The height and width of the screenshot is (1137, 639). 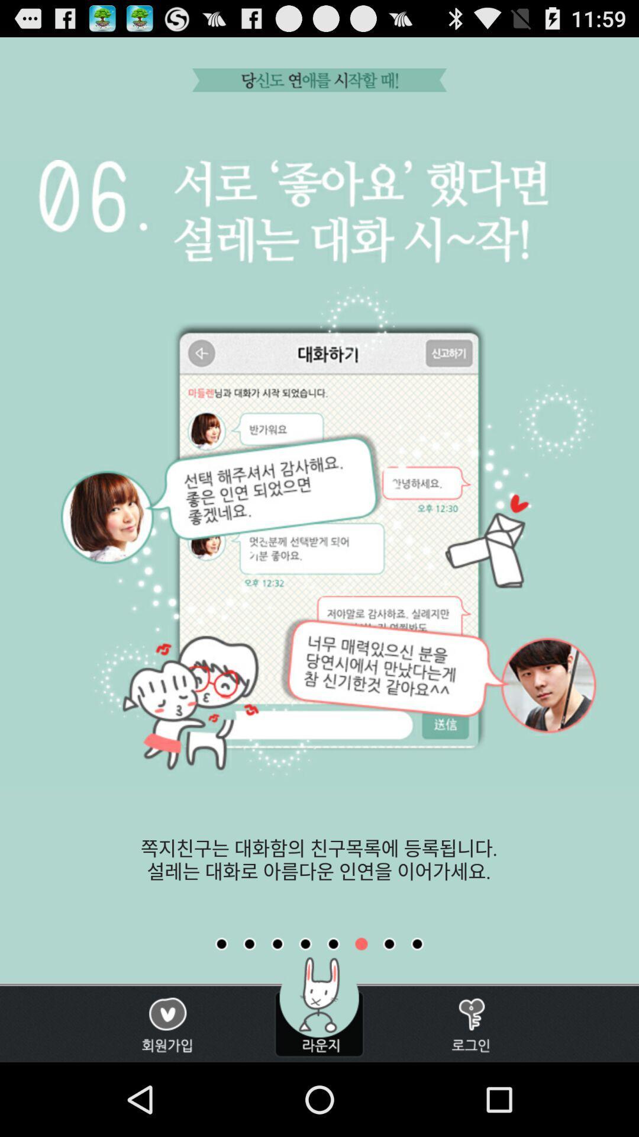 I want to click on second slide, so click(x=248, y=943).